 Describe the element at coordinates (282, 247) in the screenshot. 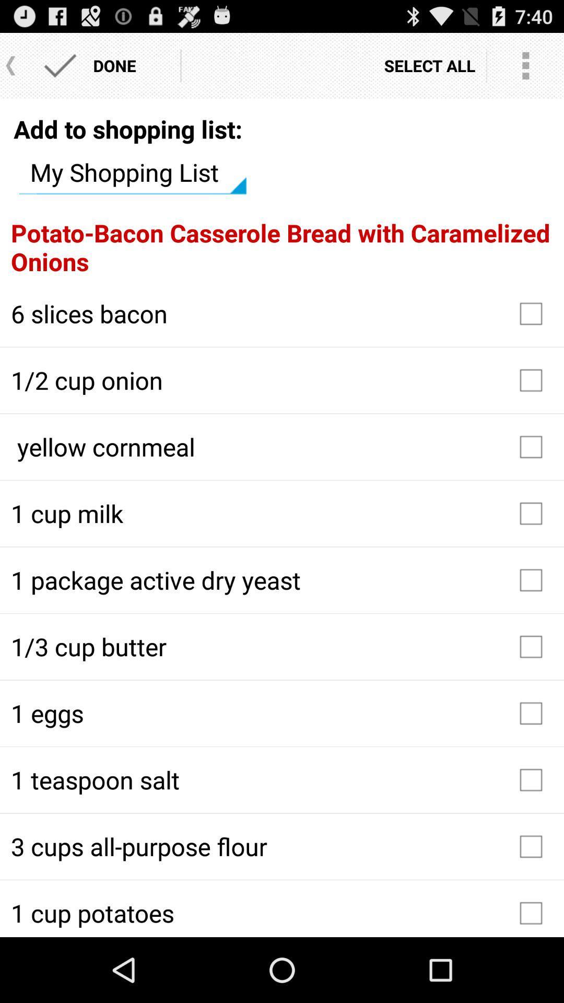

I see `the potato bacon casserole item` at that location.